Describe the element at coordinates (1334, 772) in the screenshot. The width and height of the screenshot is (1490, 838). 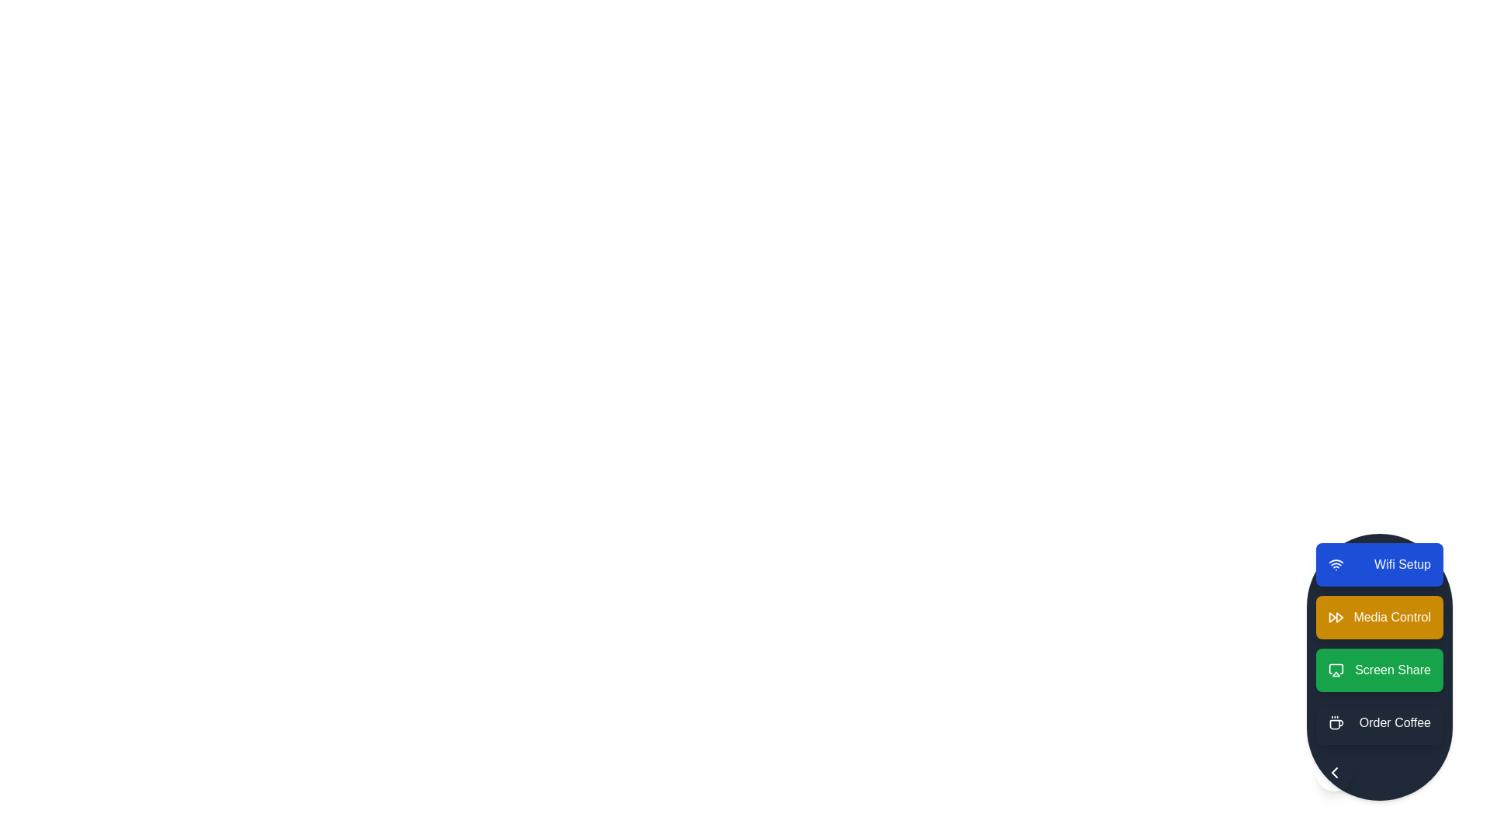
I see `toggle button to toggle the menu open or closed` at that location.